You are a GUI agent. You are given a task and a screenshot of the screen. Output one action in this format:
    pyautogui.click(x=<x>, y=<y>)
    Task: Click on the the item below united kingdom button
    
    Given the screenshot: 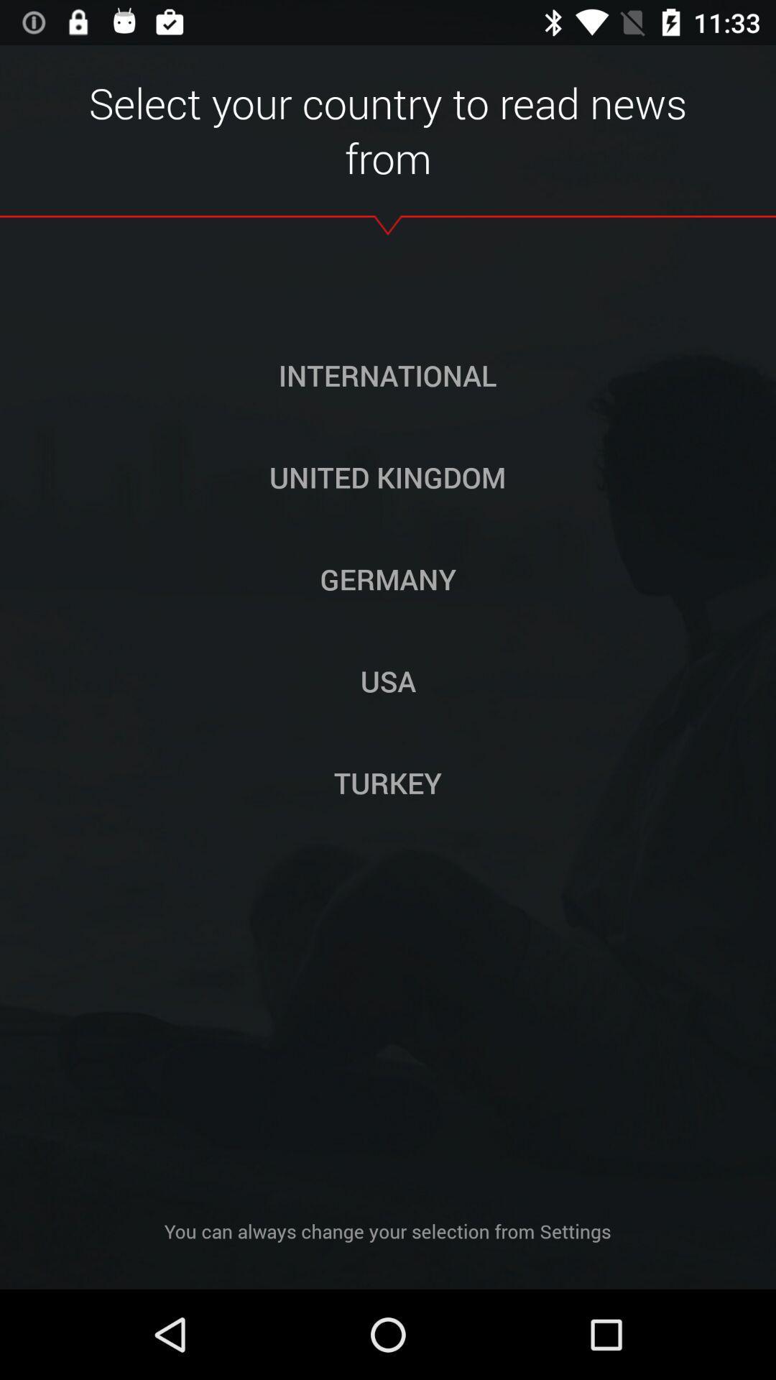 What is the action you would take?
    pyautogui.click(x=388, y=579)
    